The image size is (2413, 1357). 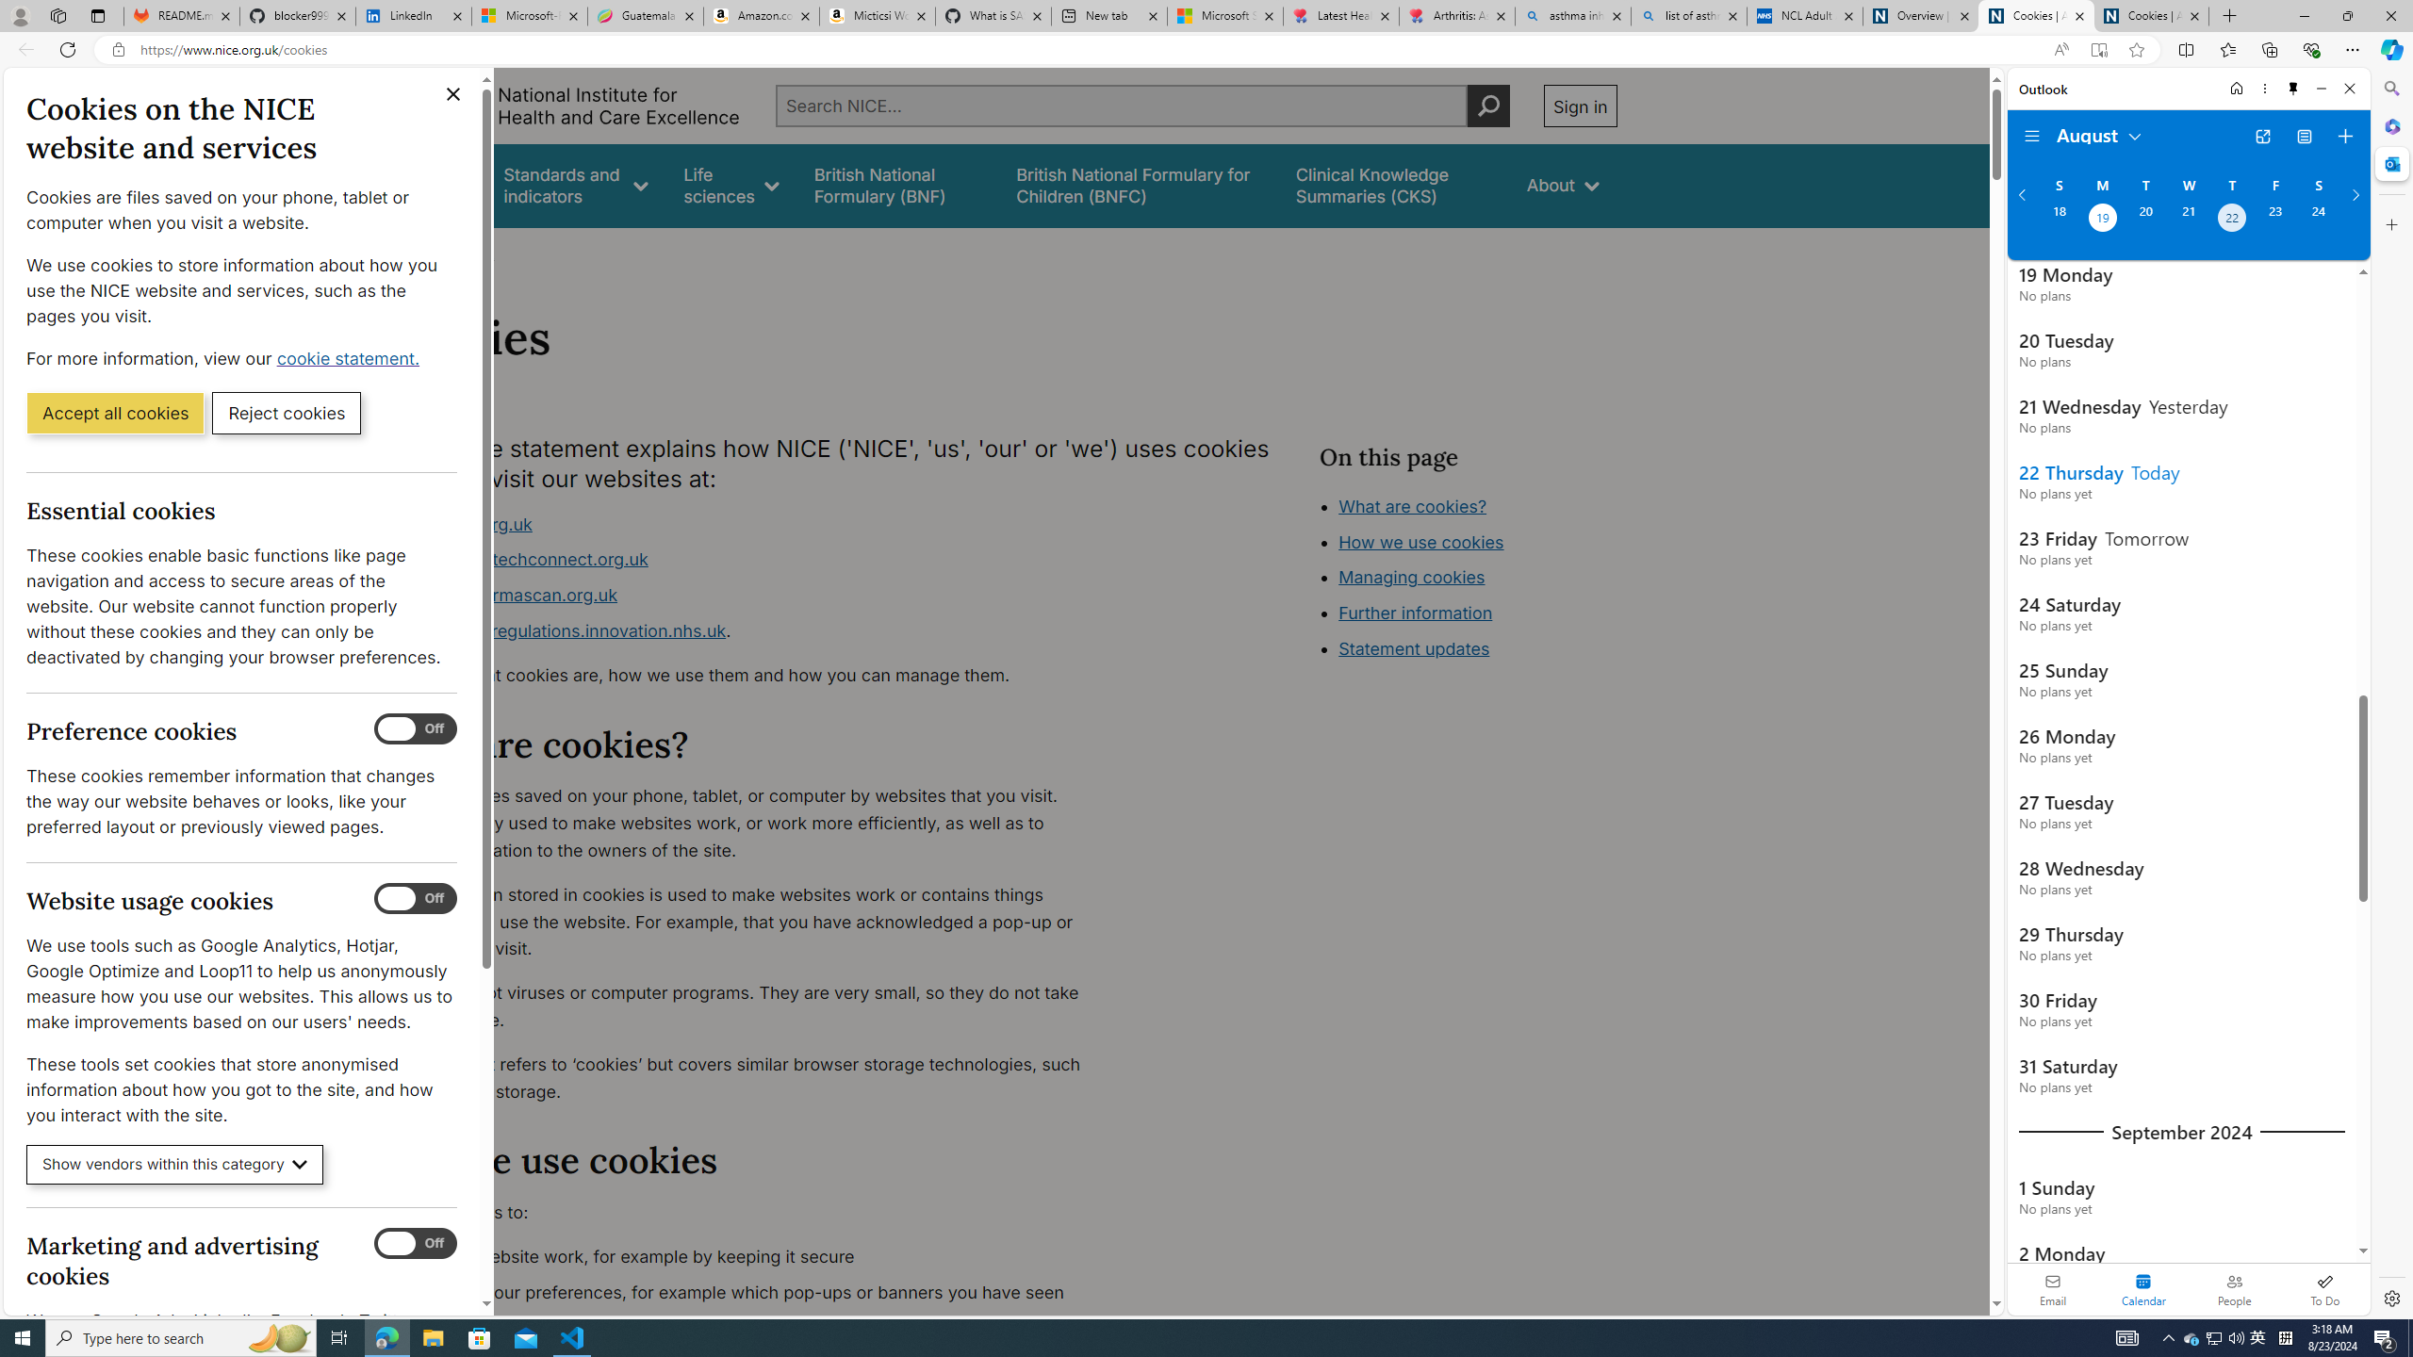 What do you see at coordinates (1803, 15) in the screenshot?
I see `'NCL Adult Asthma Inhaler Choice Guideline'` at bounding box center [1803, 15].